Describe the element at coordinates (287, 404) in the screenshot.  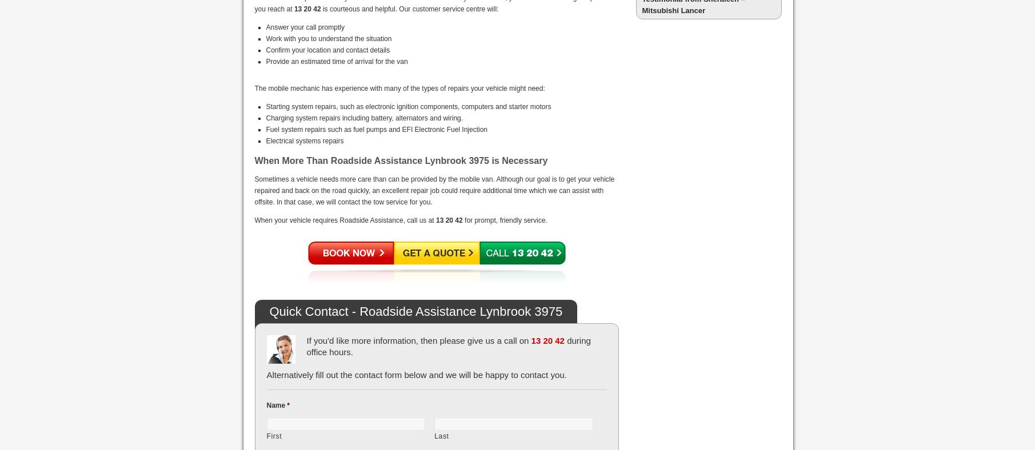
I see `'*'` at that location.